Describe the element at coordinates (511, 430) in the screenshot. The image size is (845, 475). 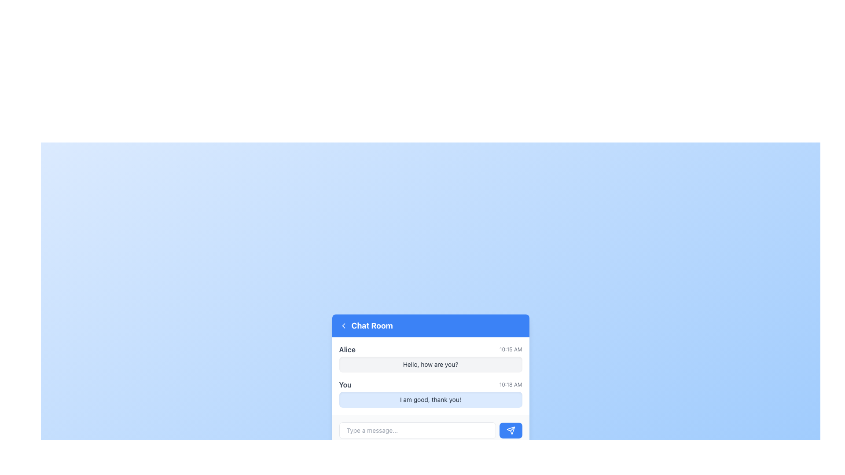
I see `the send message button, which is represented by a blue button with a white paper airplane icon, located at the bottom right of the chat interface` at that location.